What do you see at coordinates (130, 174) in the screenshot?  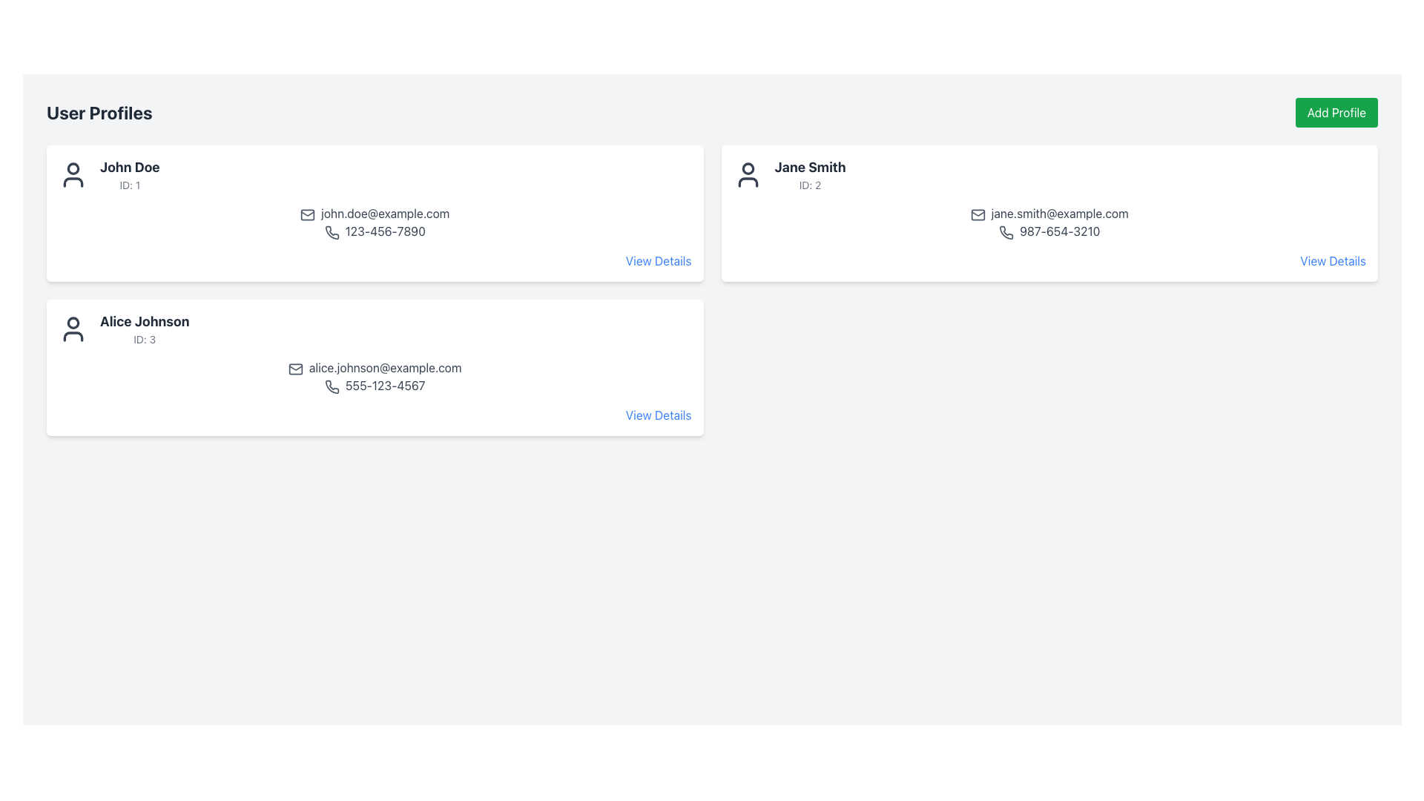 I see `text displayed in the Text Component that shows the name and ID of the user, located in the first user profile card in the upper-left corner, next to the user icon and above the contact information` at bounding box center [130, 174].